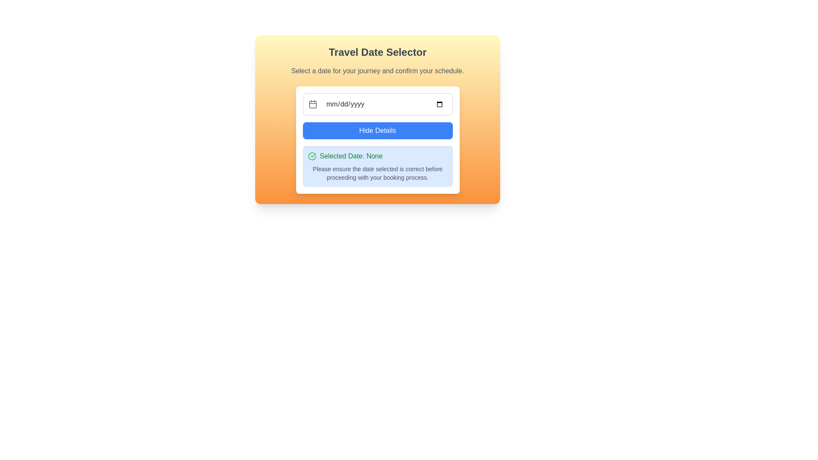 The image size is (818, 460). Describe the element at coordinates (377, 70) in the screenshot. I see `the static text display that reads 'Select a date for your journey and confirm your schedule.' which is positioned below the title 'Travel Date Selector'` at that location.